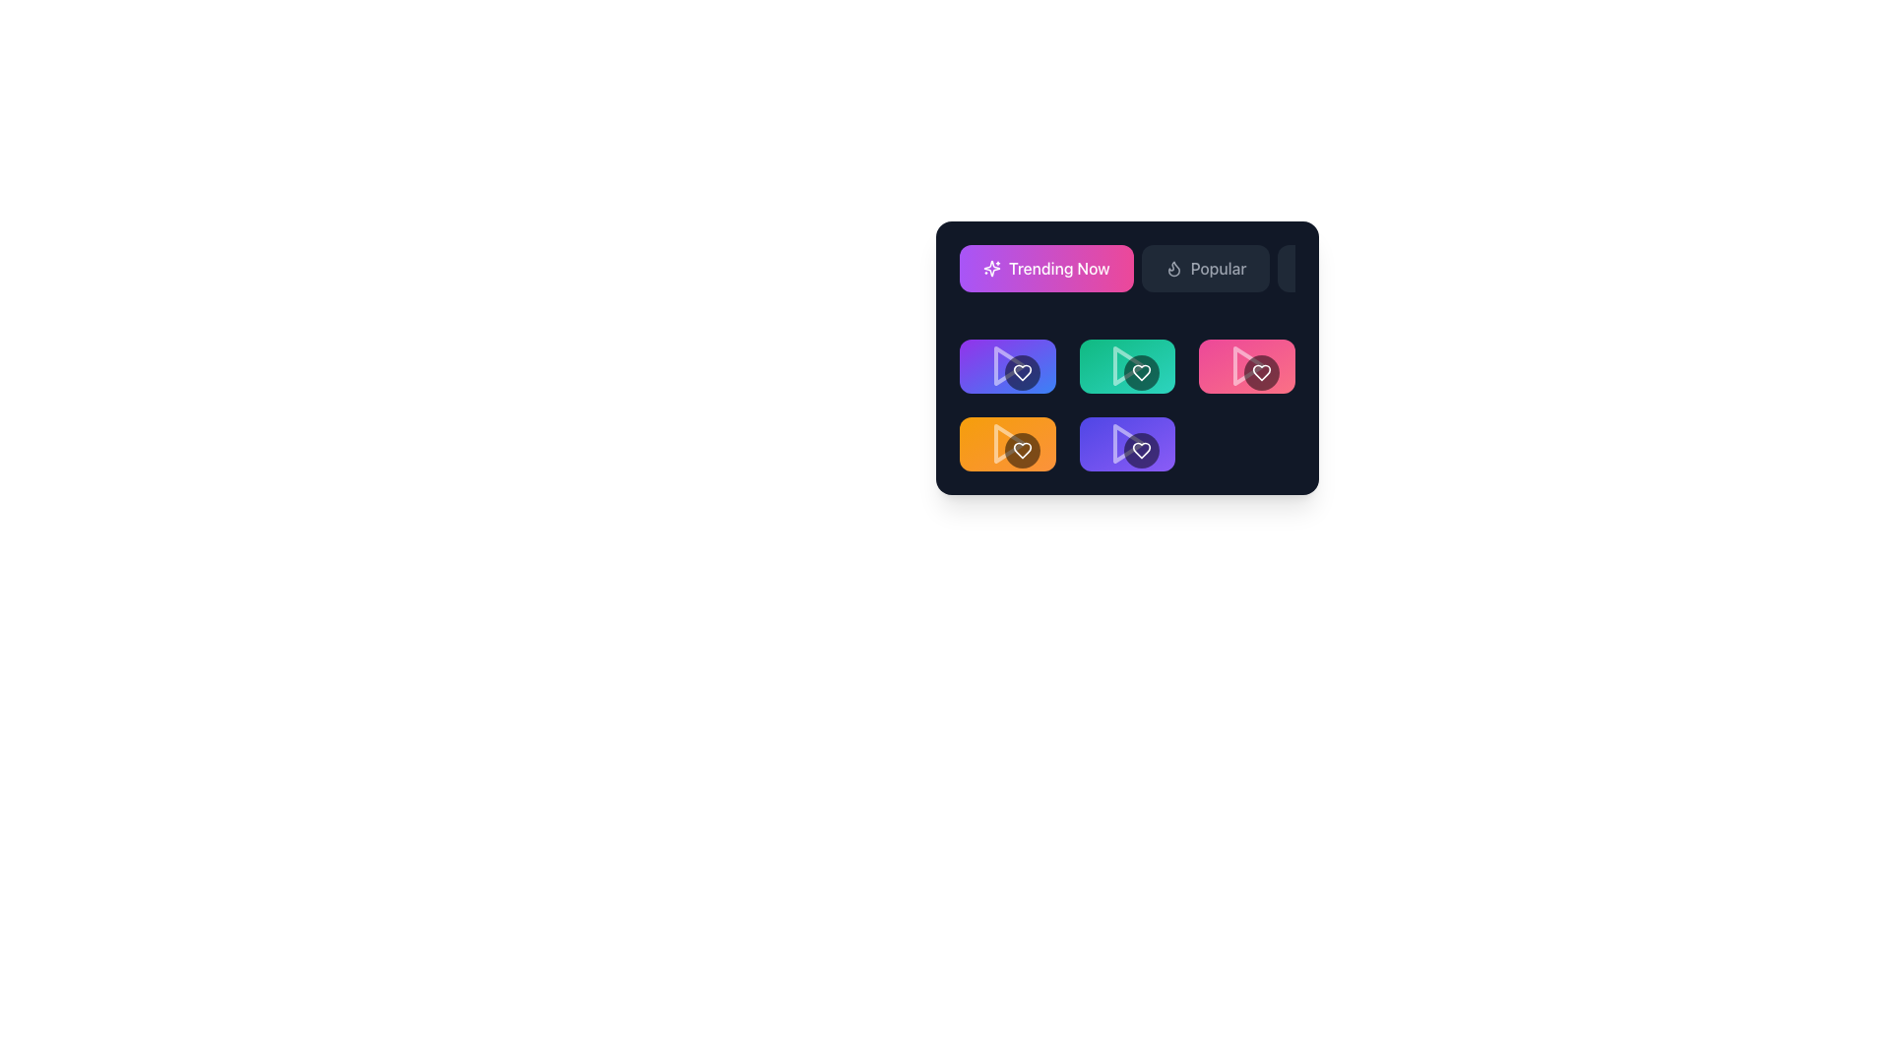 This screenshot has width=1890, height=1063. Describe the element at coordinates (1127, 277) in the screenshot. I see `the navigational button group located at the top section of the interface` at that location.